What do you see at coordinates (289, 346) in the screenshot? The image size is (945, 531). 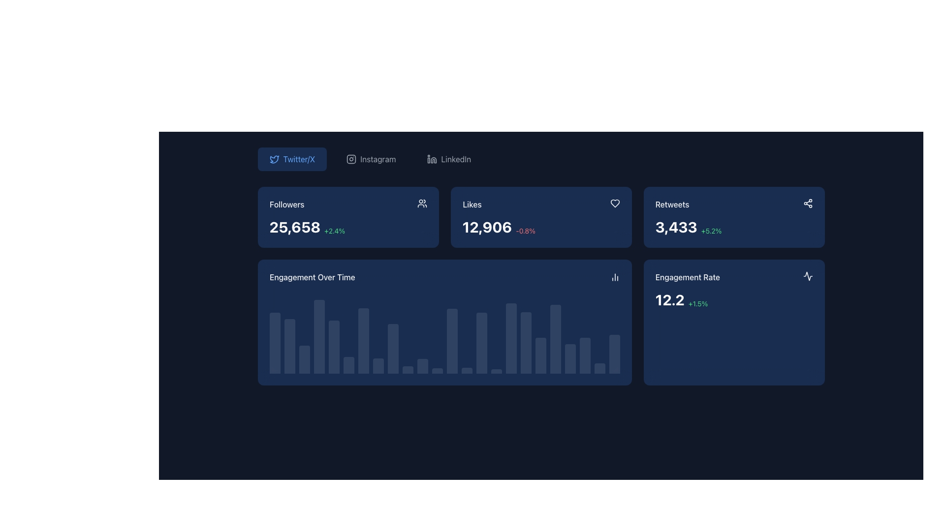 I see `the second vertical bar` at bounding box center [289, 346].